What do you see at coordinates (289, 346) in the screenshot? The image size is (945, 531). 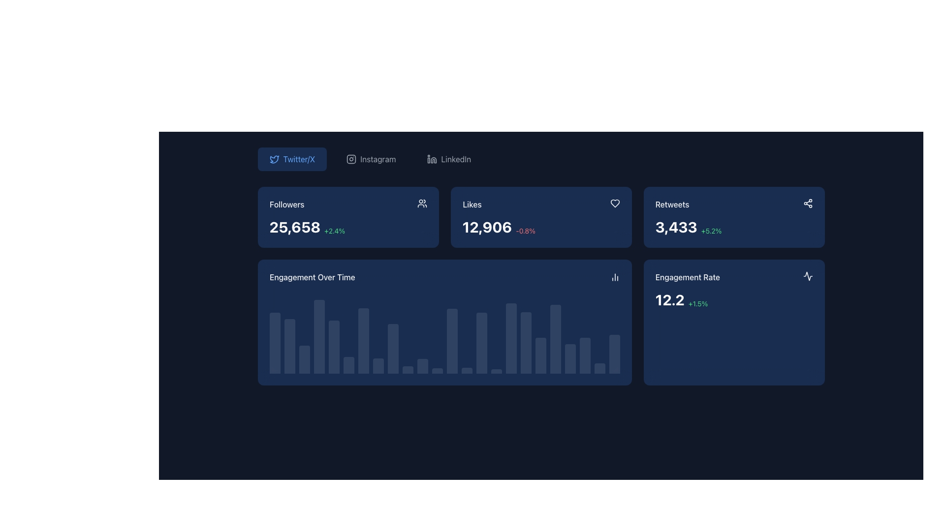 I see `the second vertical bar` at bounding box center [289, 346].